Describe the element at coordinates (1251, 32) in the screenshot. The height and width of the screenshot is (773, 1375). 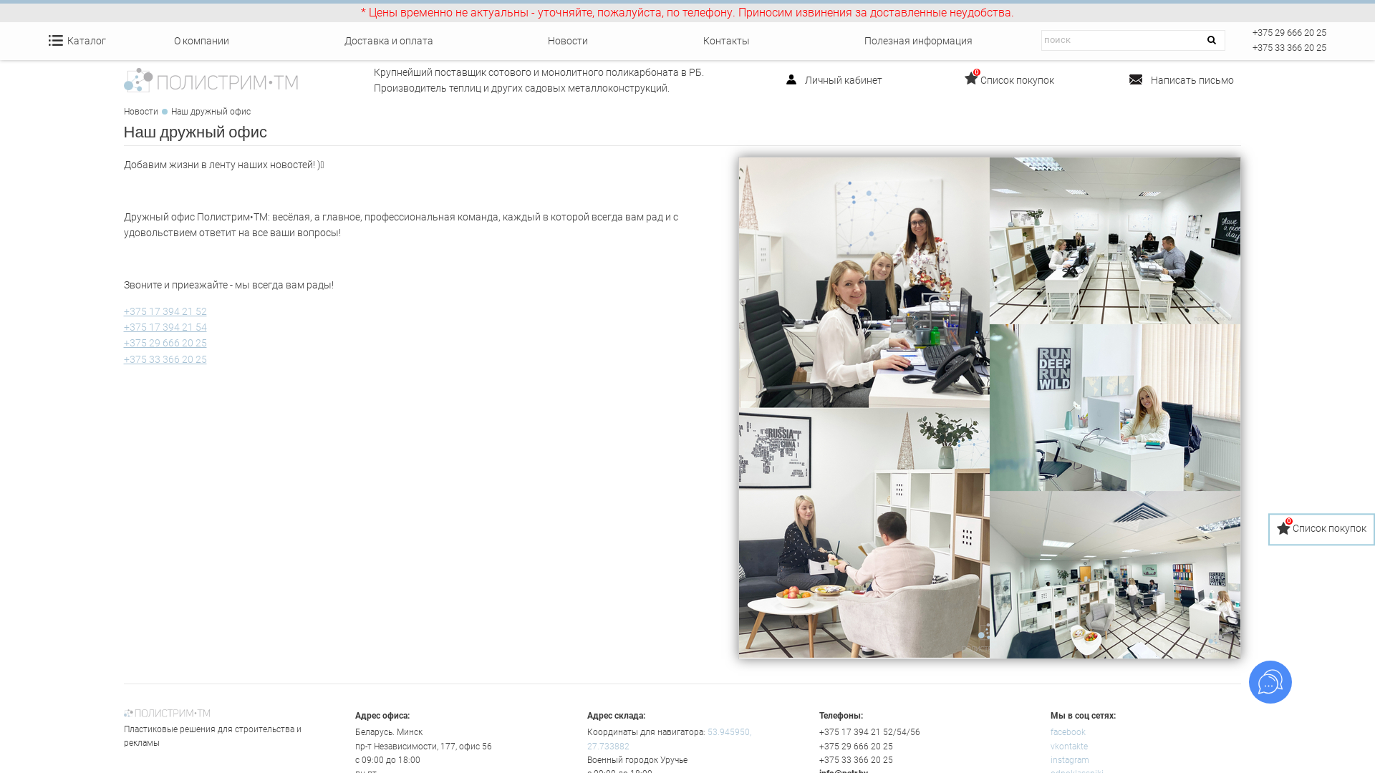
I see `'+375 29 666 20 25'` at that location.